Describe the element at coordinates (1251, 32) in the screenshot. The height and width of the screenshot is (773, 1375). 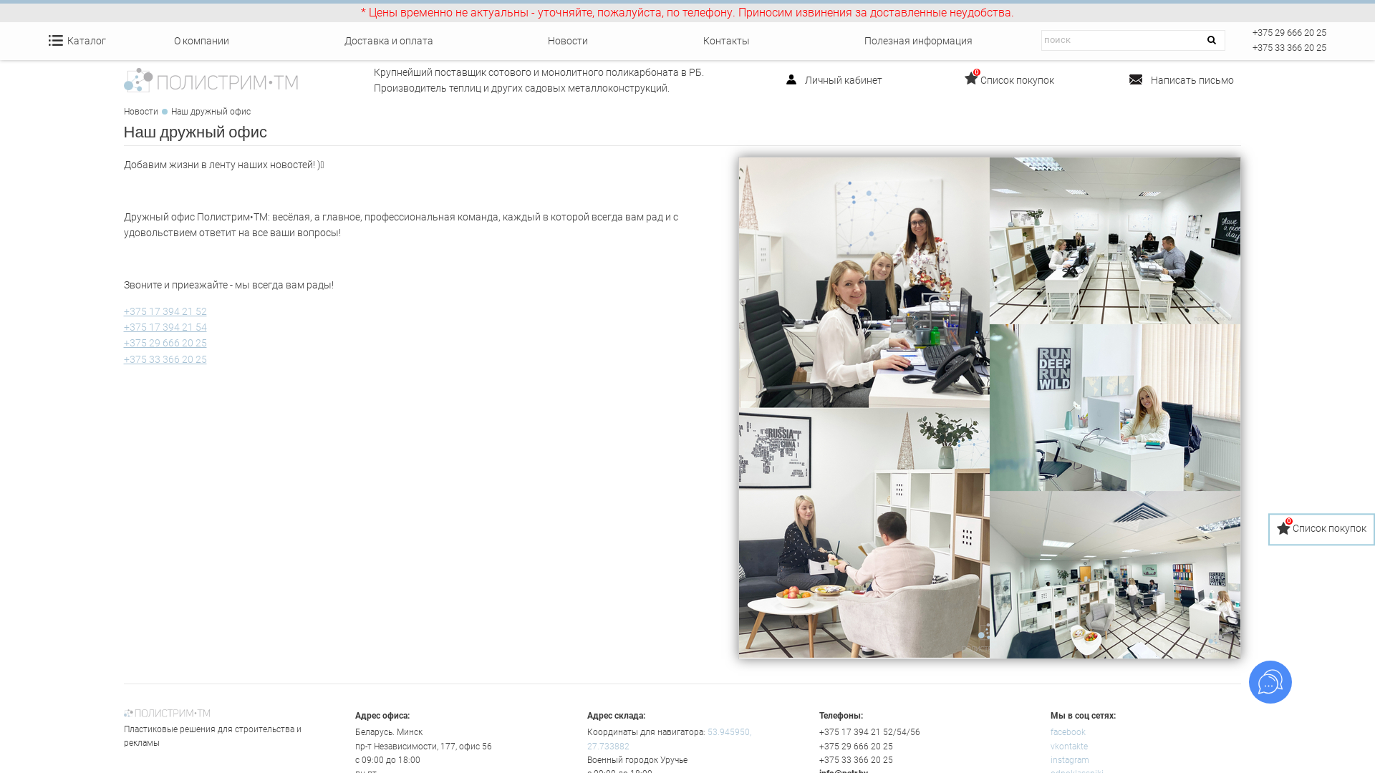
I see `'+375 29 666 20 25'` at that location.